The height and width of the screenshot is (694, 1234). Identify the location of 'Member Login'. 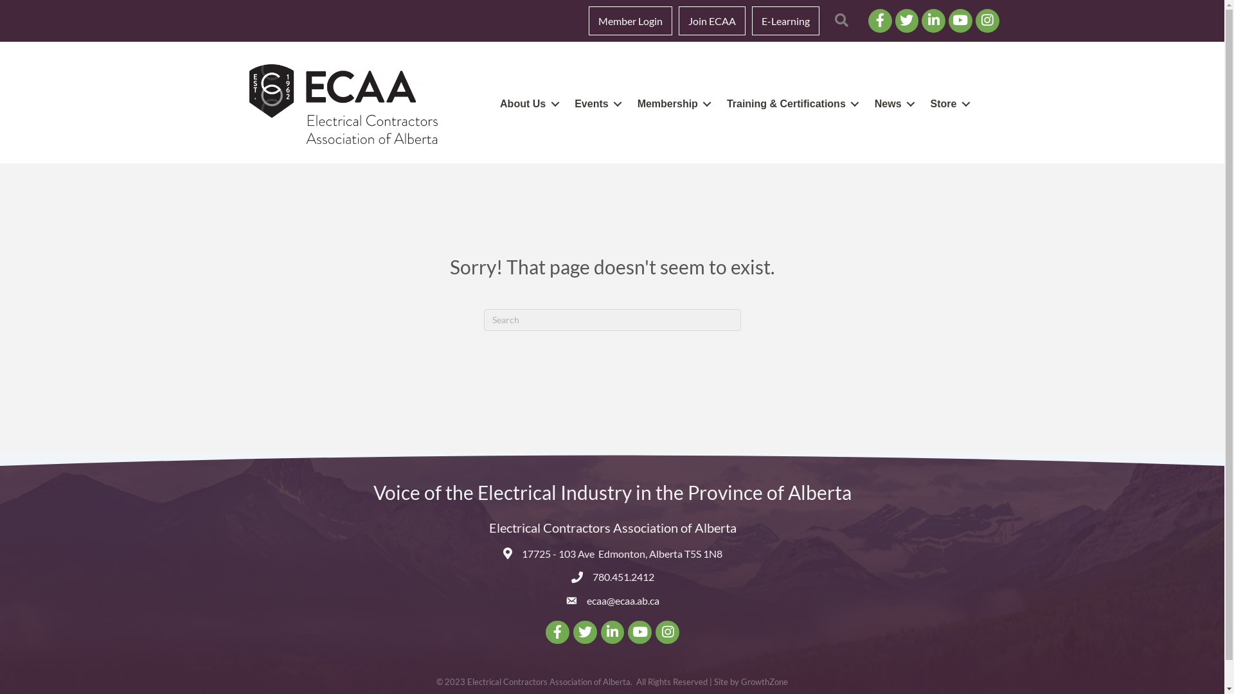
(630, 21).